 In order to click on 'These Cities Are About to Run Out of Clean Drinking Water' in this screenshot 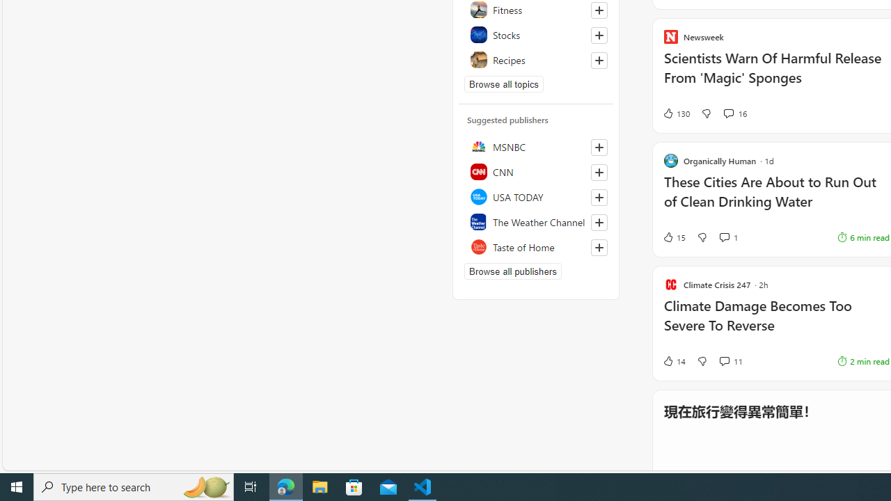, I will do `click(775, 198)`.